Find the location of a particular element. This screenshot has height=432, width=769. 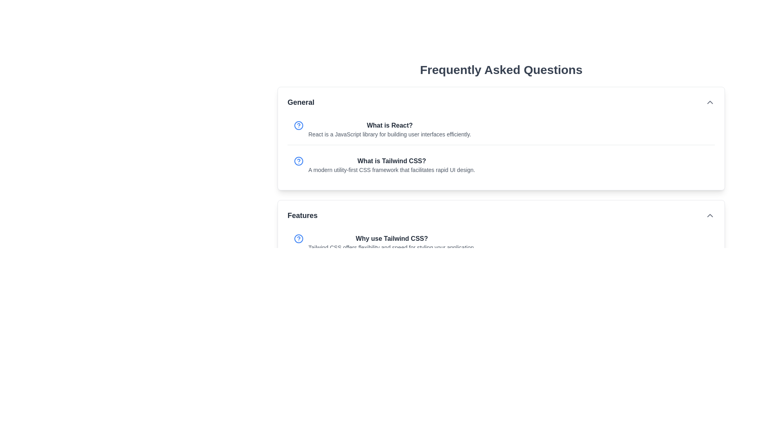

the information/help icon located to the left of the text 'Why use Tailwind CSS?' in the FAQ section under the 'Features' category is located at coordinates (298, 238).